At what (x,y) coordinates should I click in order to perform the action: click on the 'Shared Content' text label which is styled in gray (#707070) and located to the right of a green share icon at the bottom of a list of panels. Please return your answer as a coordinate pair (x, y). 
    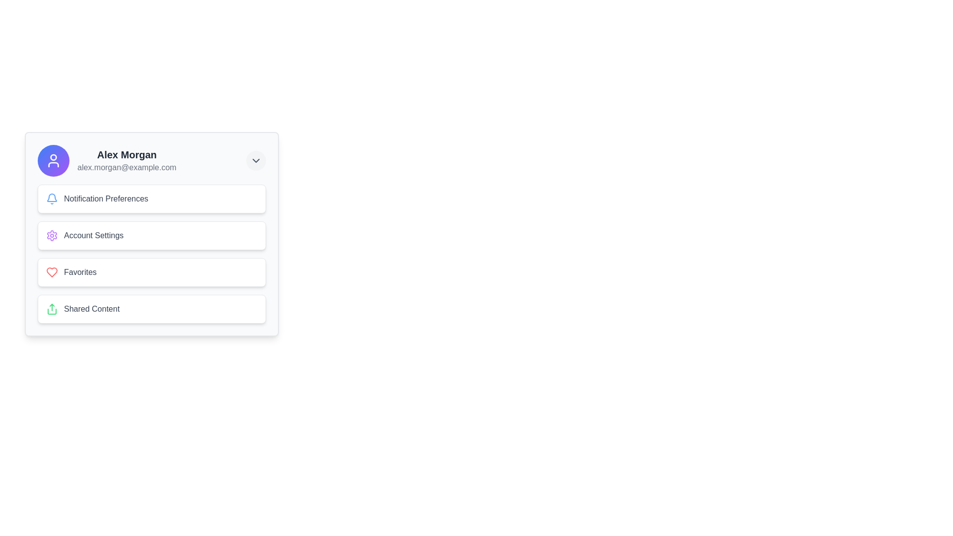
    Looking at the image, I should click on (92, 309).